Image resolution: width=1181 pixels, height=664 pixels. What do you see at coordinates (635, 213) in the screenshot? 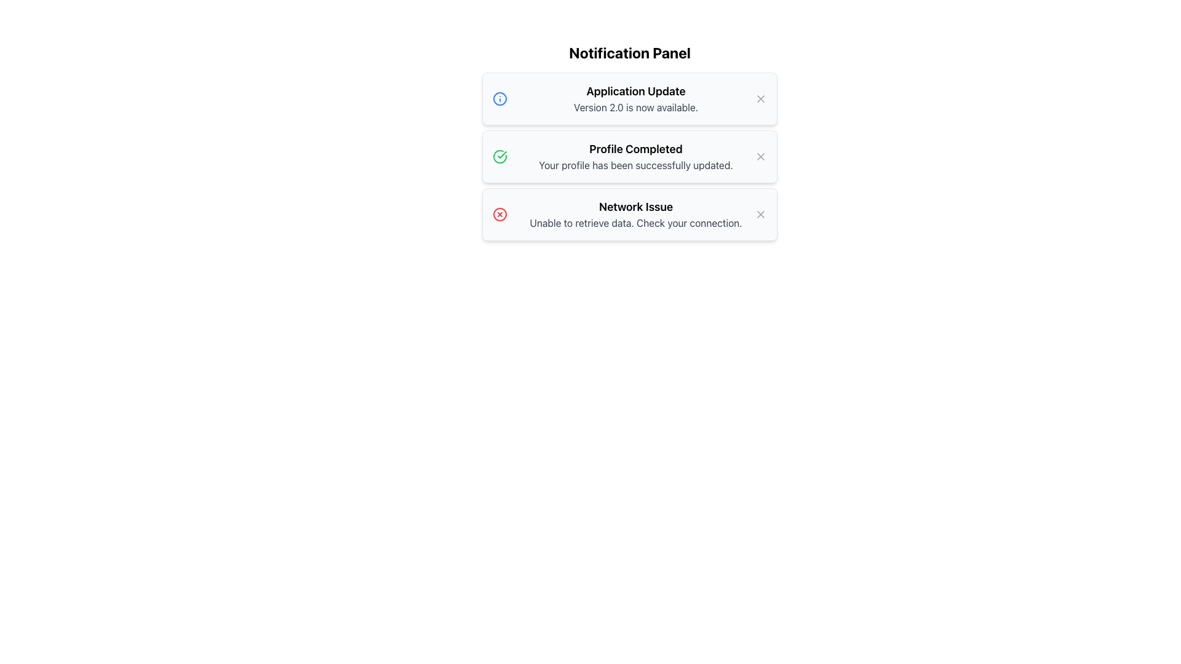
I see `the error notification text element that indicates network connectivity issues, which is positioned in the third row of the notification panel` at bounding box center [635, 213].